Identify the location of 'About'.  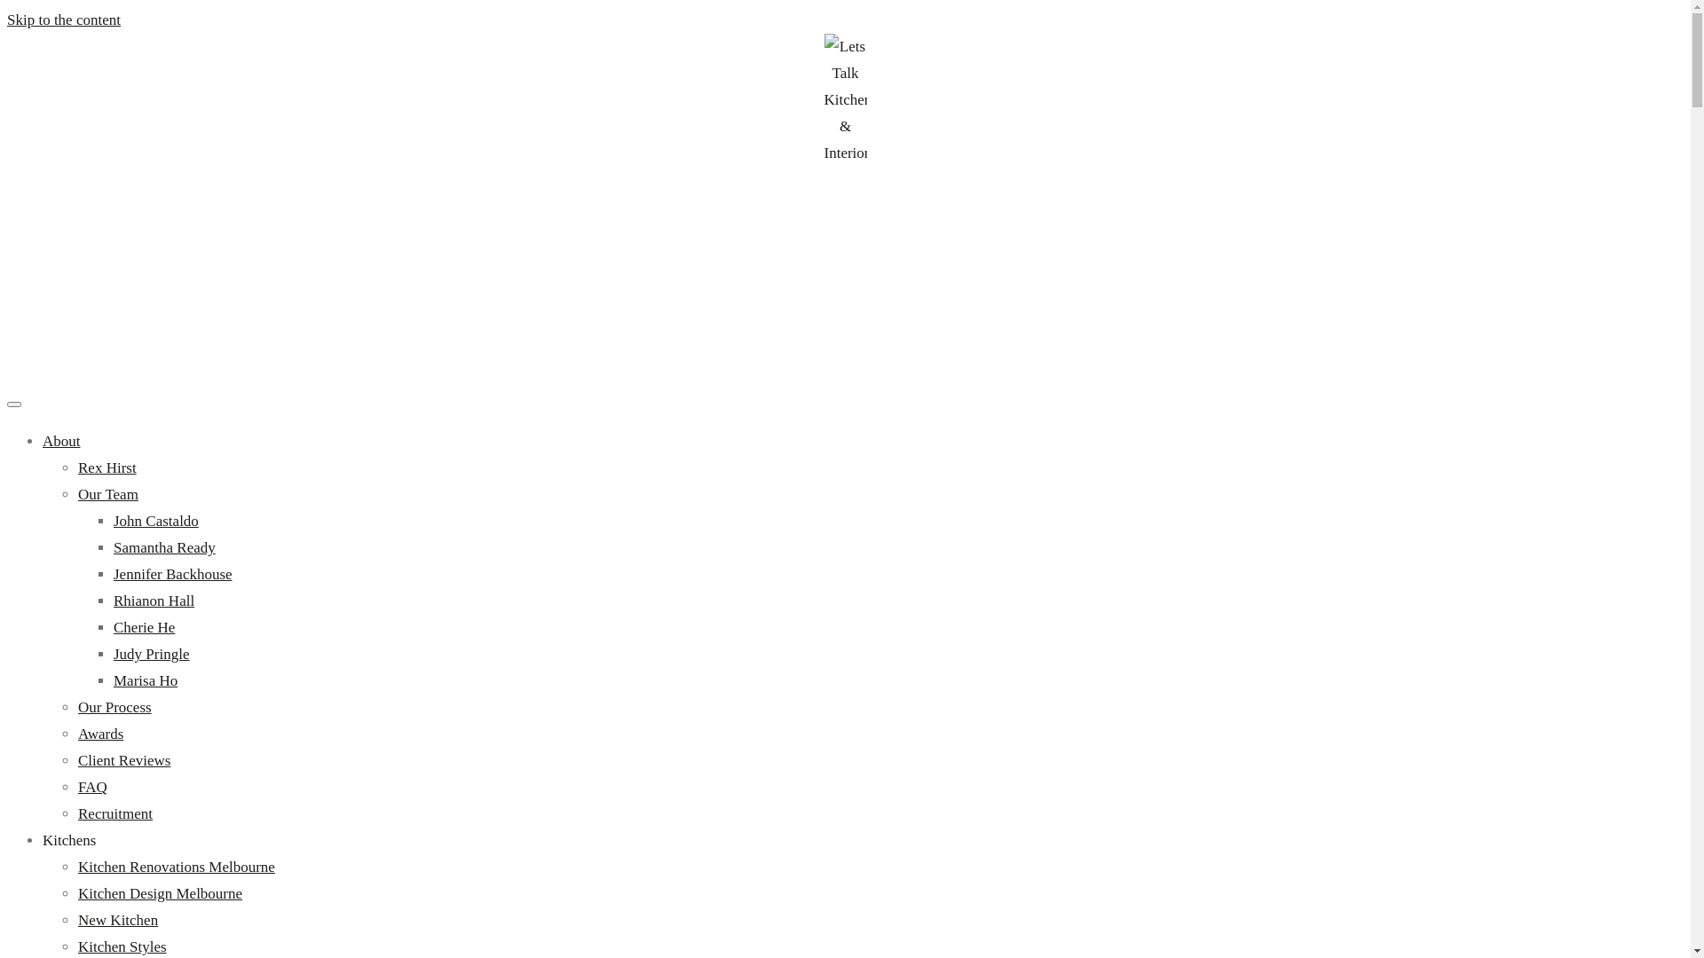
(61, 440).